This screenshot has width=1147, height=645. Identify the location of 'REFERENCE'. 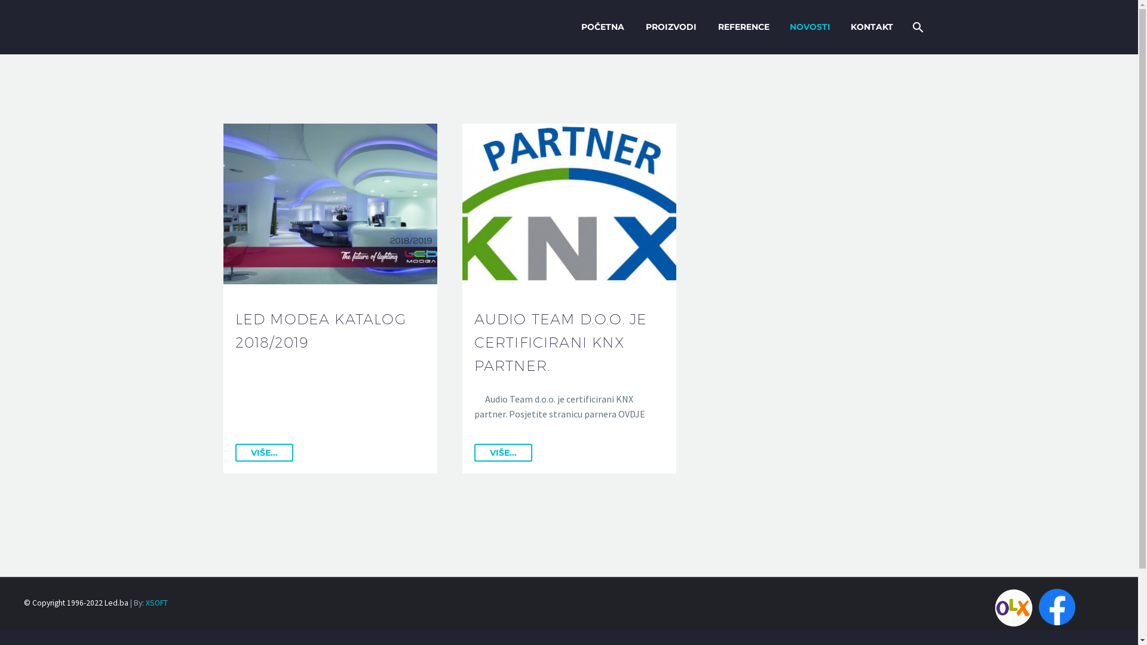
(708, 27).